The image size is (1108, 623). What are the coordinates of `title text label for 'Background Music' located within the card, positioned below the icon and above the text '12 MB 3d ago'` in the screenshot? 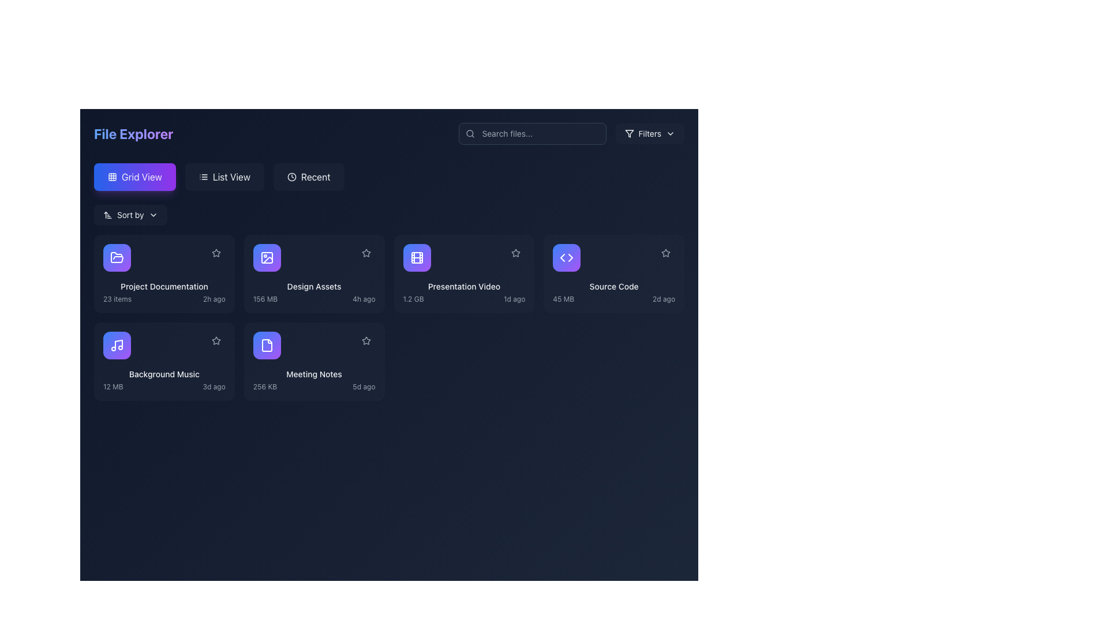 It's located at (163, 374).